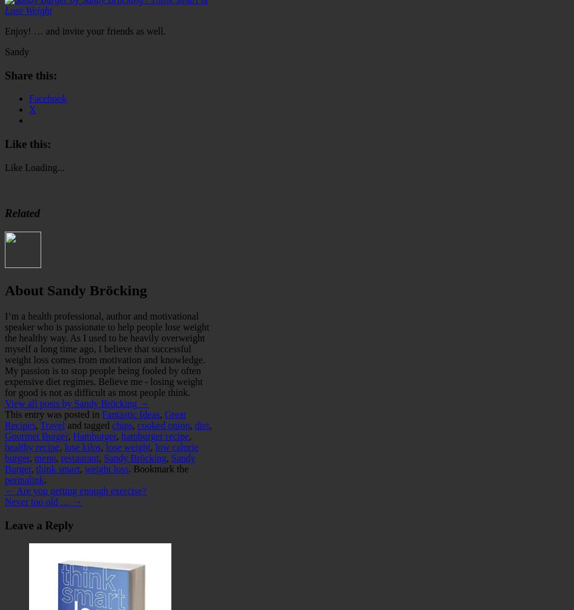 The height and width of the screenshot is (610, 574). What do you see at coordinates (31, 75) in the screenshot?
I see `'Share this:'` at bounding box center [31, 75].